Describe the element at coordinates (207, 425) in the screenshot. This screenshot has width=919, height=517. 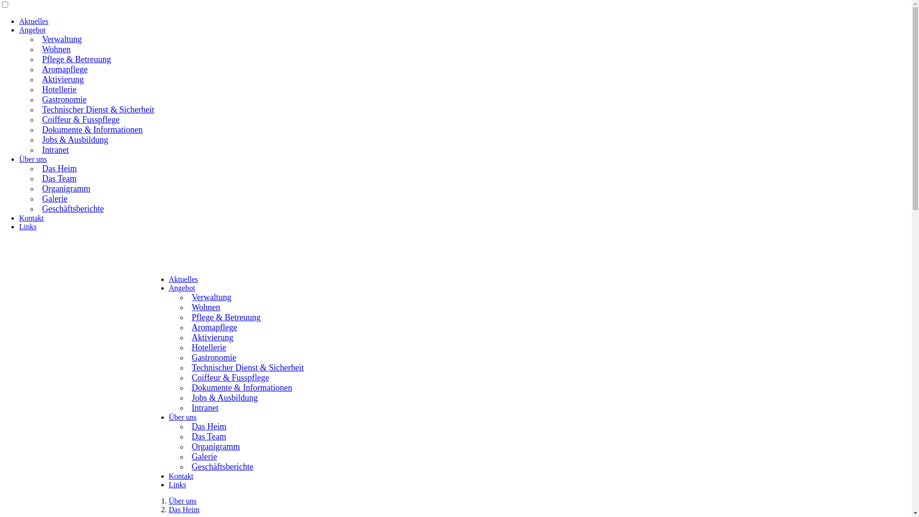
I see `'Das Heim'` at that location.